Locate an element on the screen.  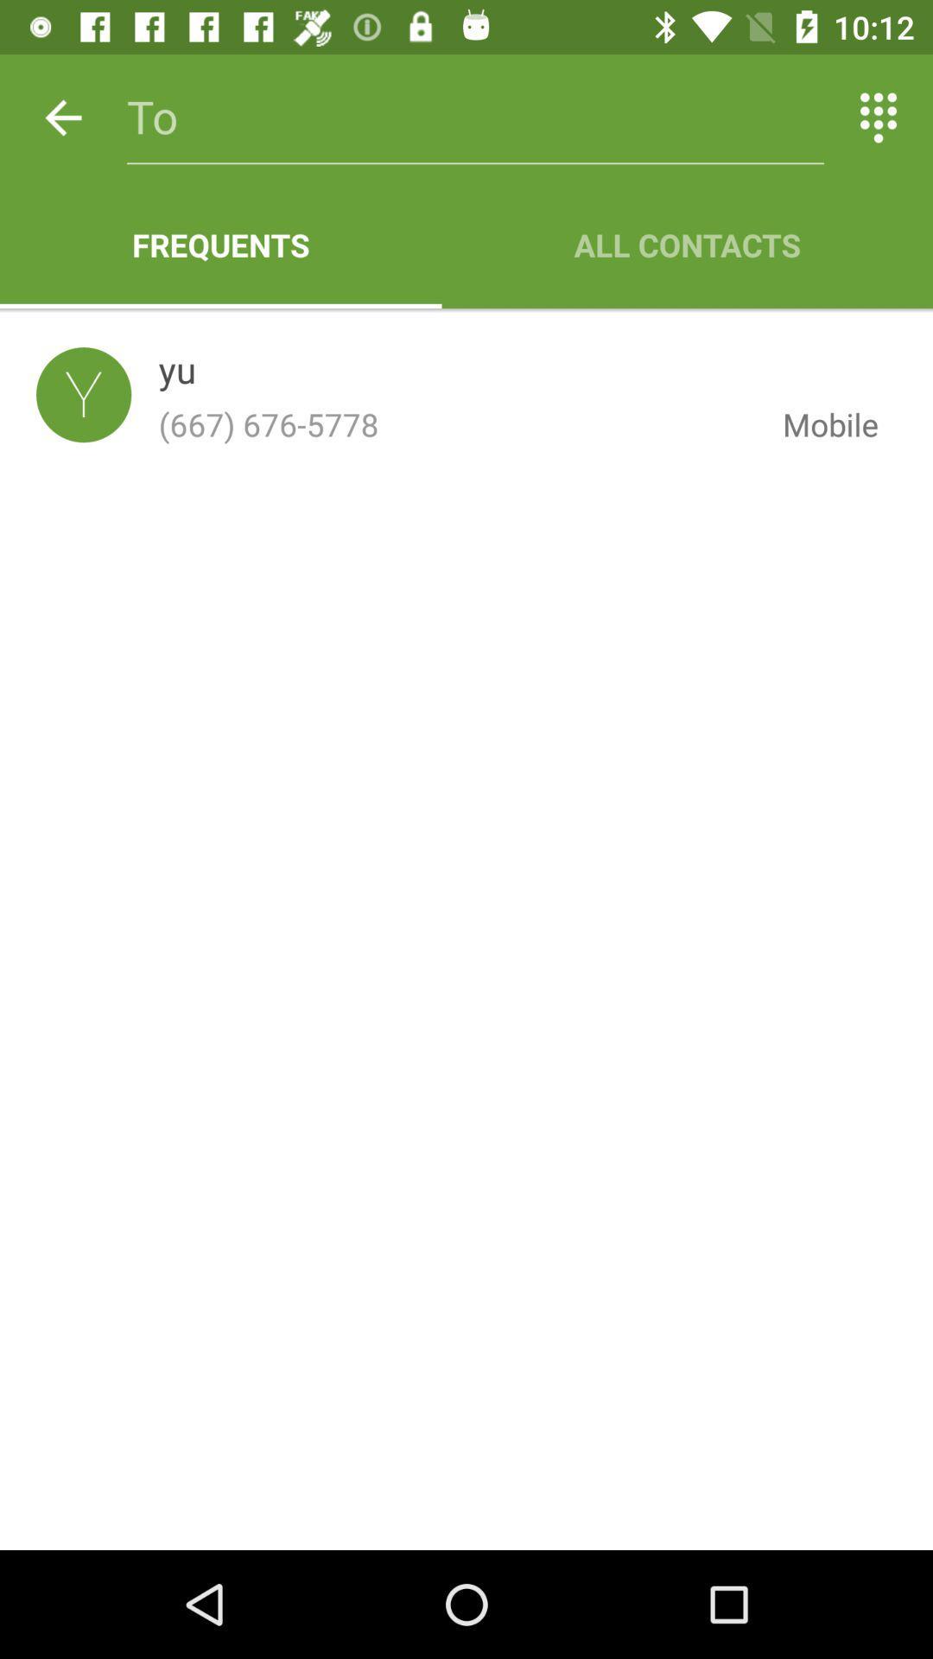
the mobile is located at coordinates (816, 424).